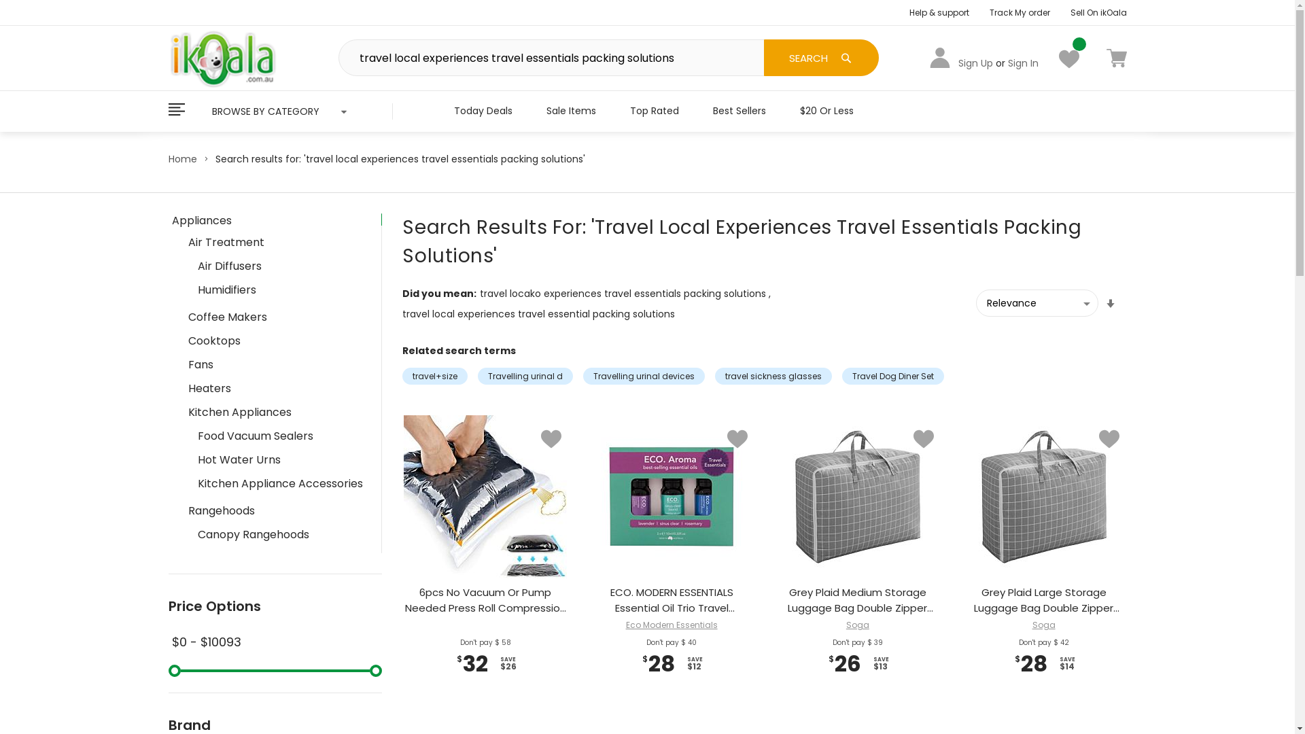 This screenshot has width=1305, height=734. Describe the element at coordinates (1043, 625) in the screenshot. I see `'Soga'` at that location.